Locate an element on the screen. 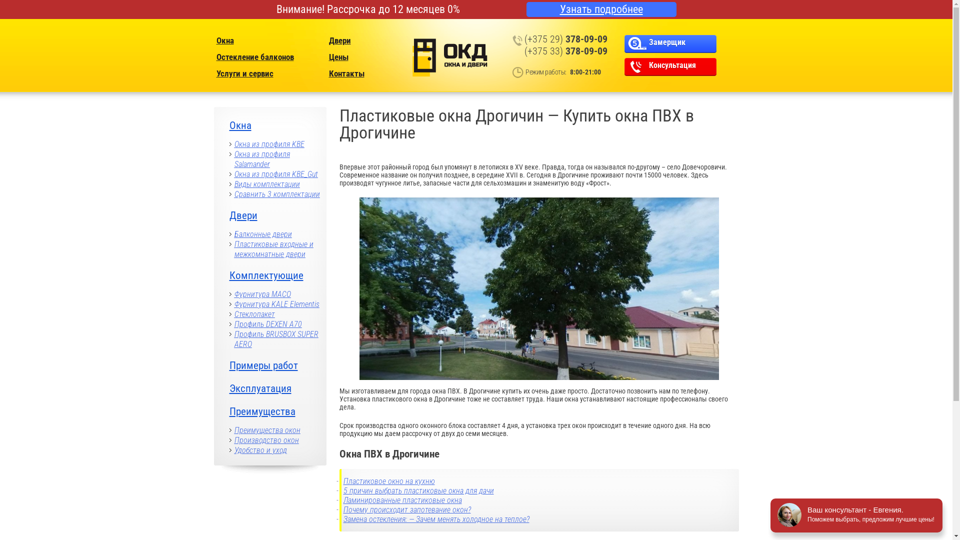 The height and width of the screenshot is (540, 960). '(+375 29) 378-09-09' is located at coordinates (524, 38).